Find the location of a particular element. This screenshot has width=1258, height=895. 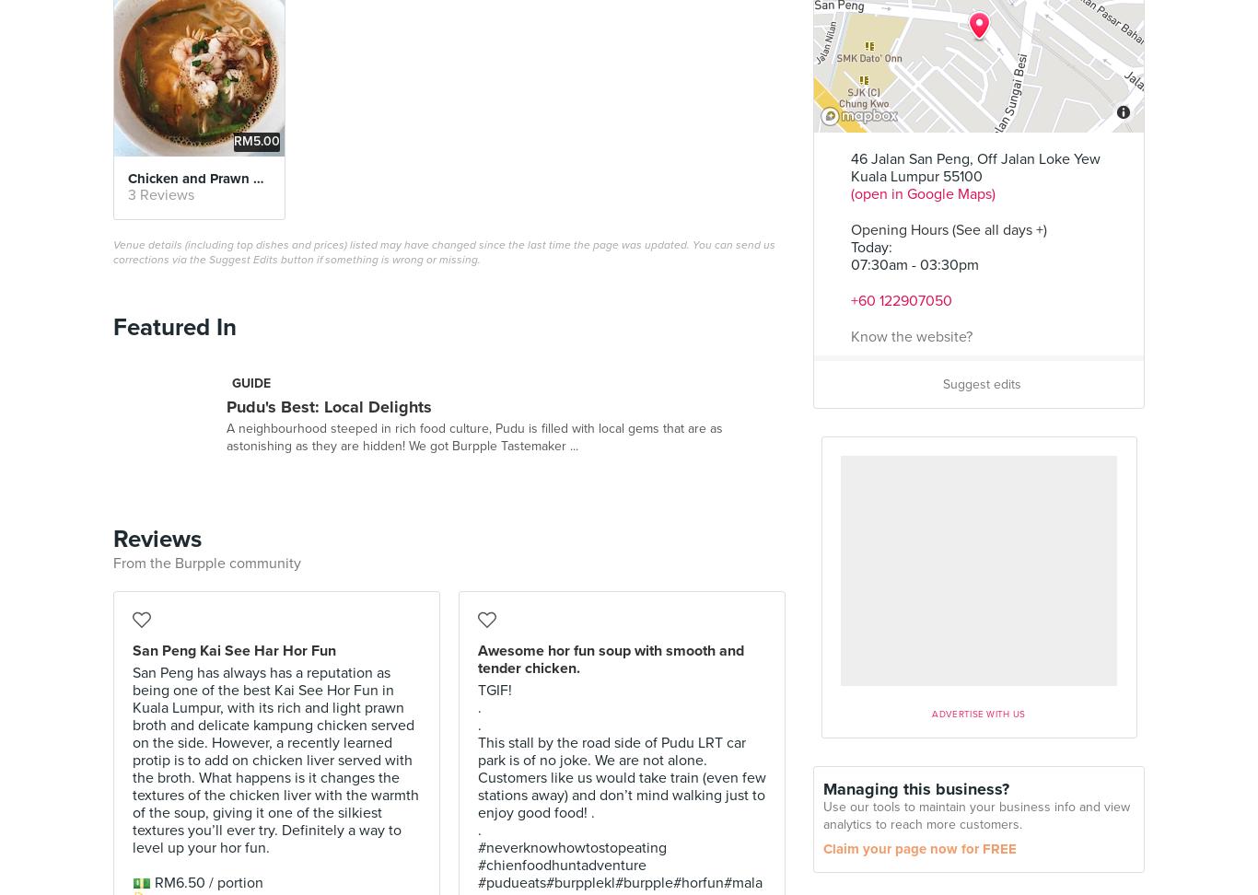

'Opening Hours (See all days +)' is located at coordinates (948, 229).